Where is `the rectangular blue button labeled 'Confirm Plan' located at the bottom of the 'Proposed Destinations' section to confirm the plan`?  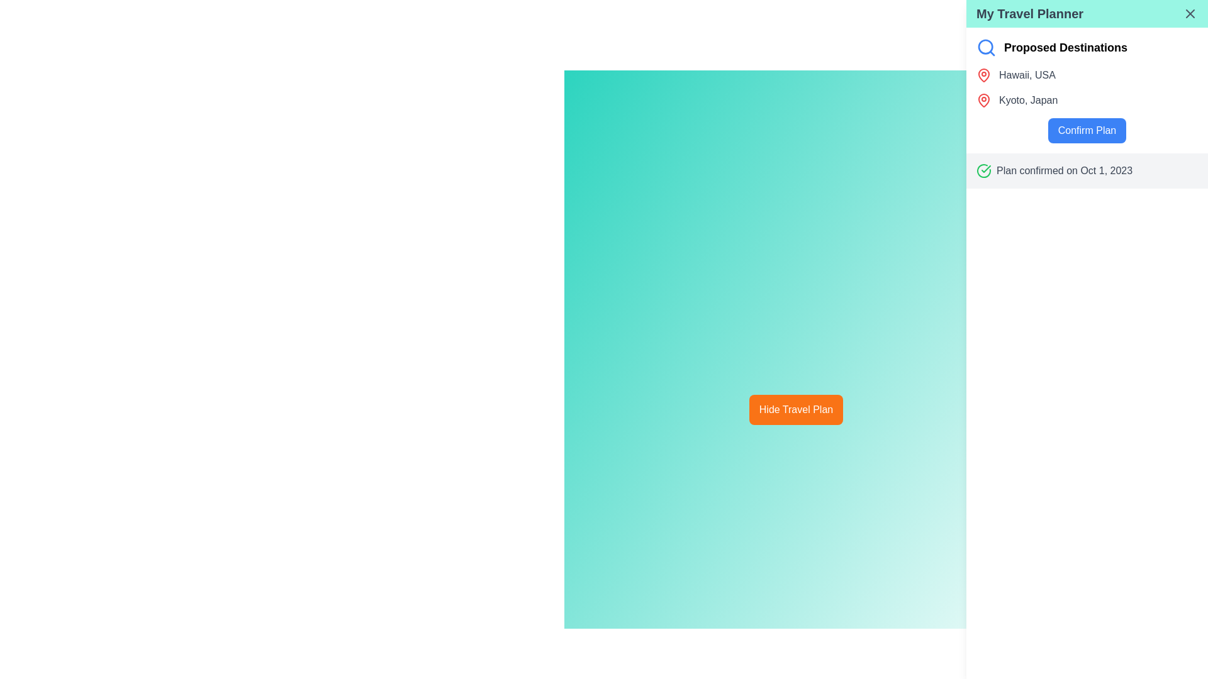 the rectangular blue button labeled 'Confirm Plan' located at the bottom of the 'Proposed Destinations' section to confirm the plan is located at coordinates (1087, 131).